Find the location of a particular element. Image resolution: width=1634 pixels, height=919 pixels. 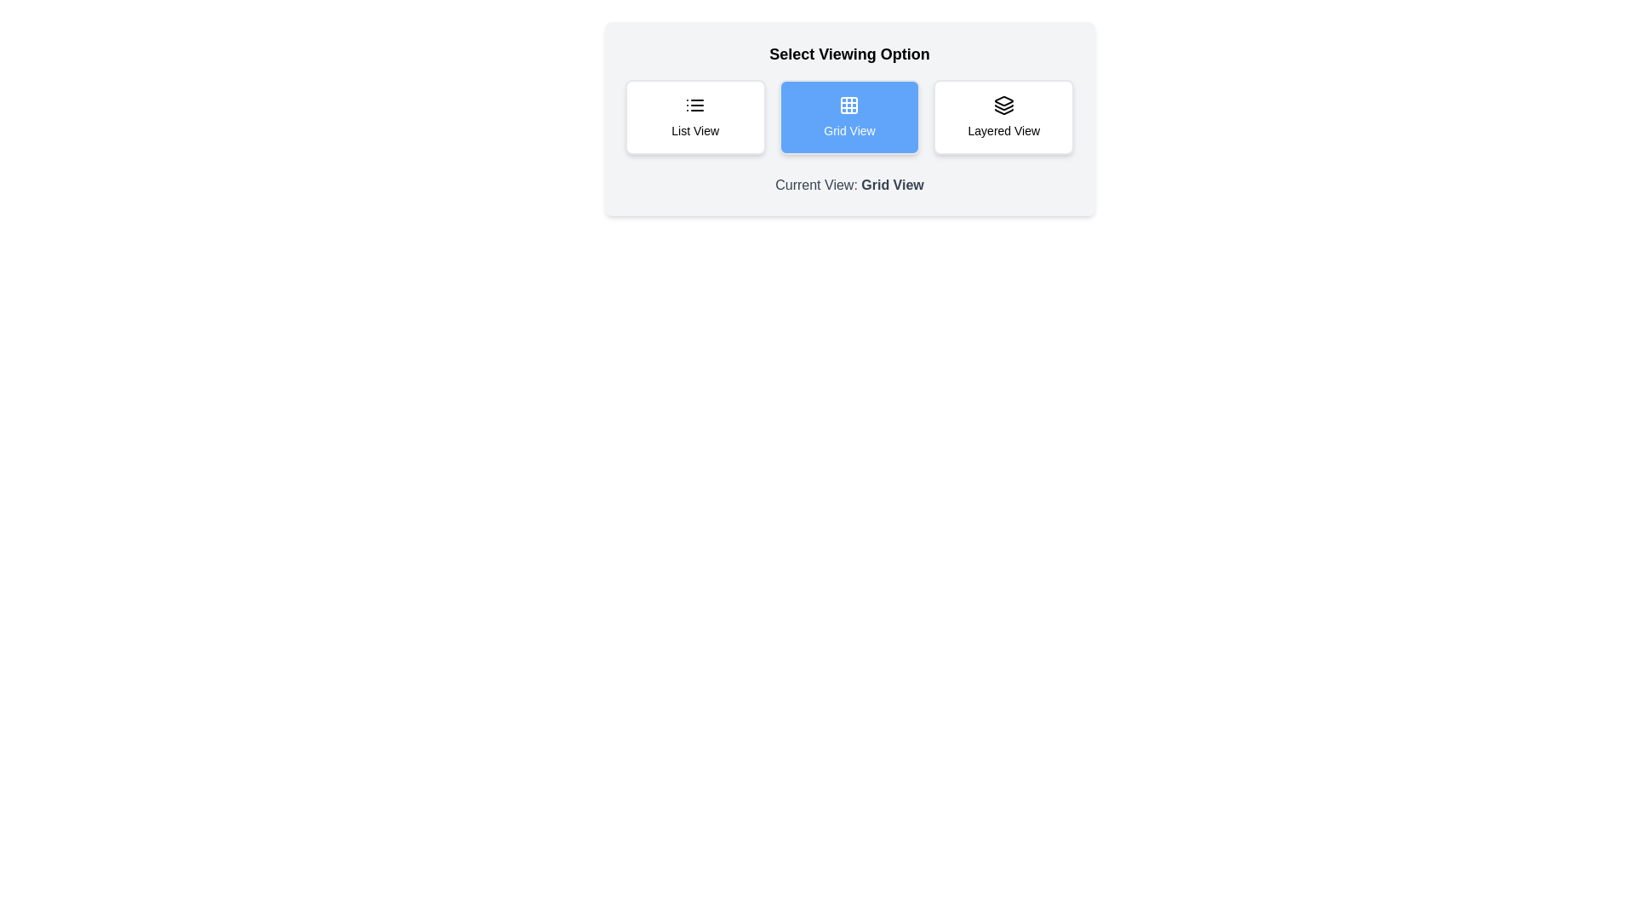

the Grid View button located centrally between the List View and Layered View buttons is located at coordinates (849, 117).